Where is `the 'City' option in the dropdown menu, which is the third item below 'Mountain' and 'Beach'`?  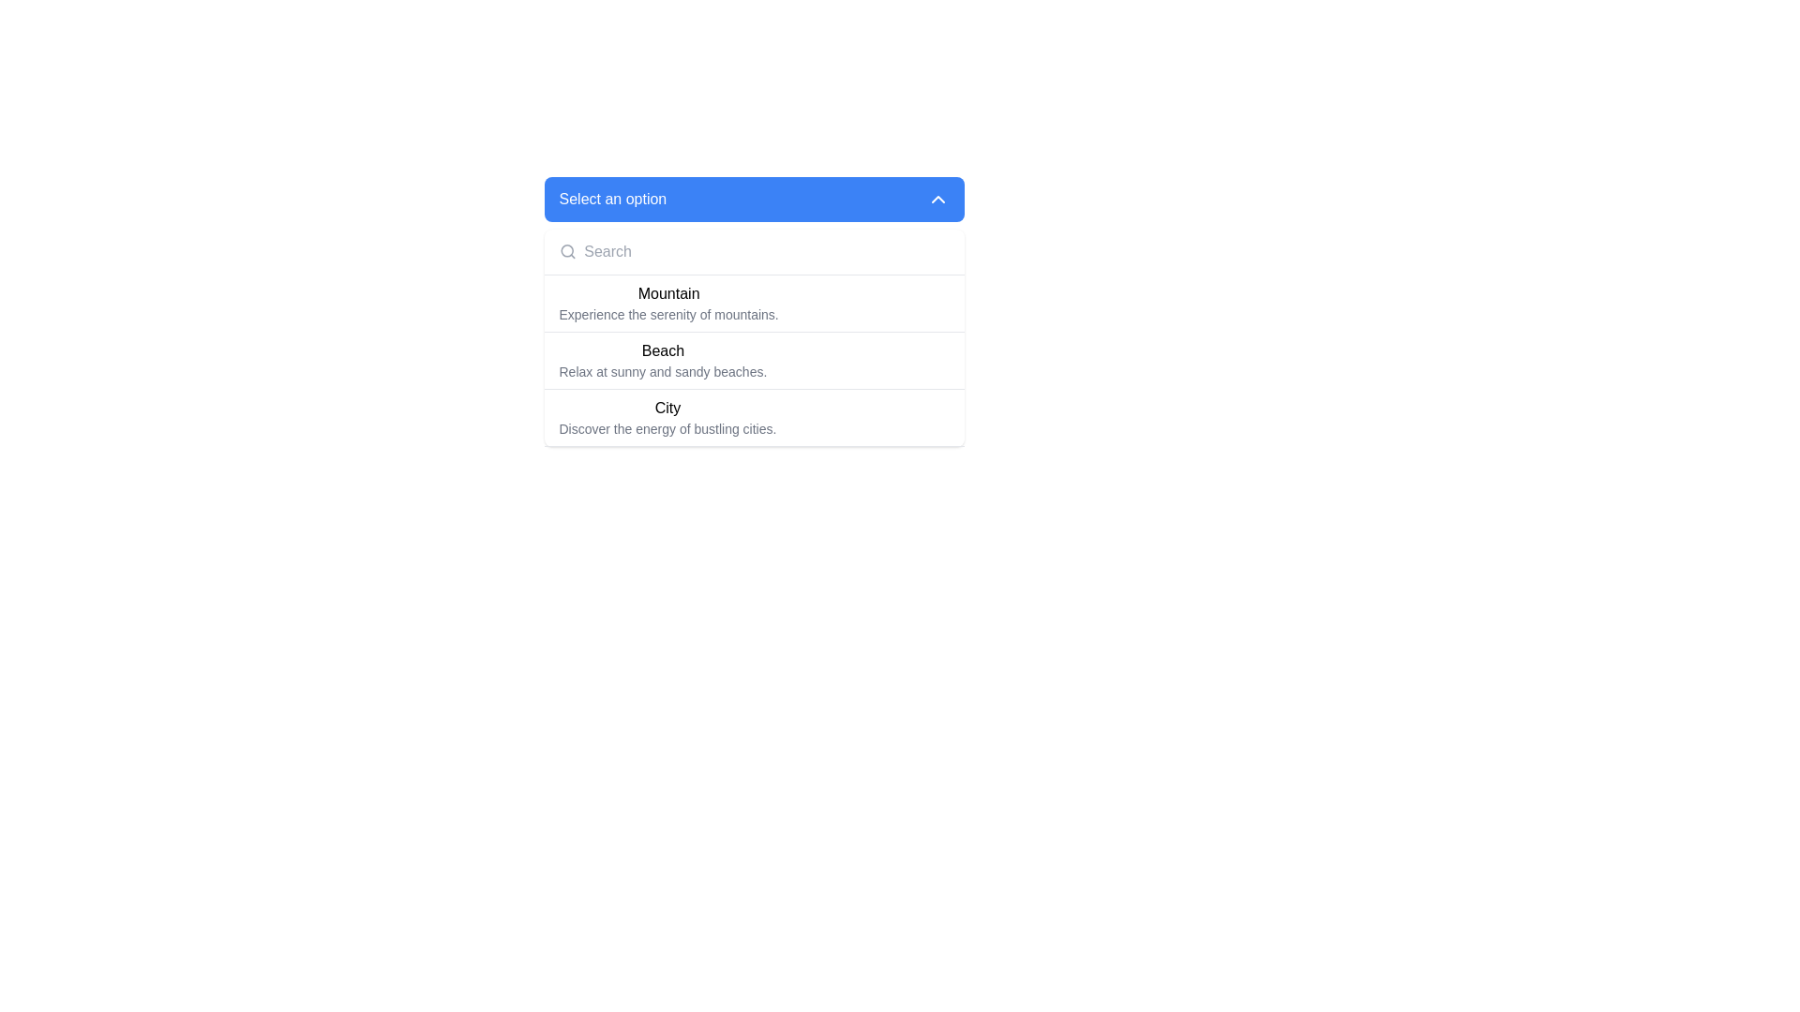 the 'City' option in the dropdown menu, which is the third item below 'Mountain' and 'Beach' is located at coordinates (667, 417).